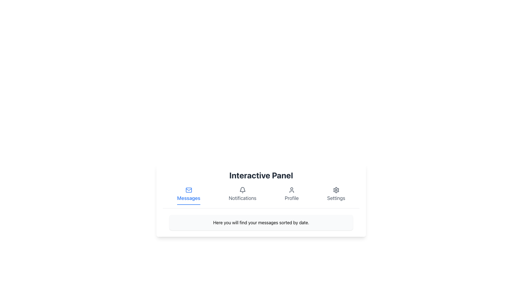 This screenshot has width=524, height=295. Describe the element at coordinates (189, 190) in the screenshot. I see `the blue outlined mail icon depicting an envelope, located above the 'Messages' text in the bottom navigation bar` at that location.